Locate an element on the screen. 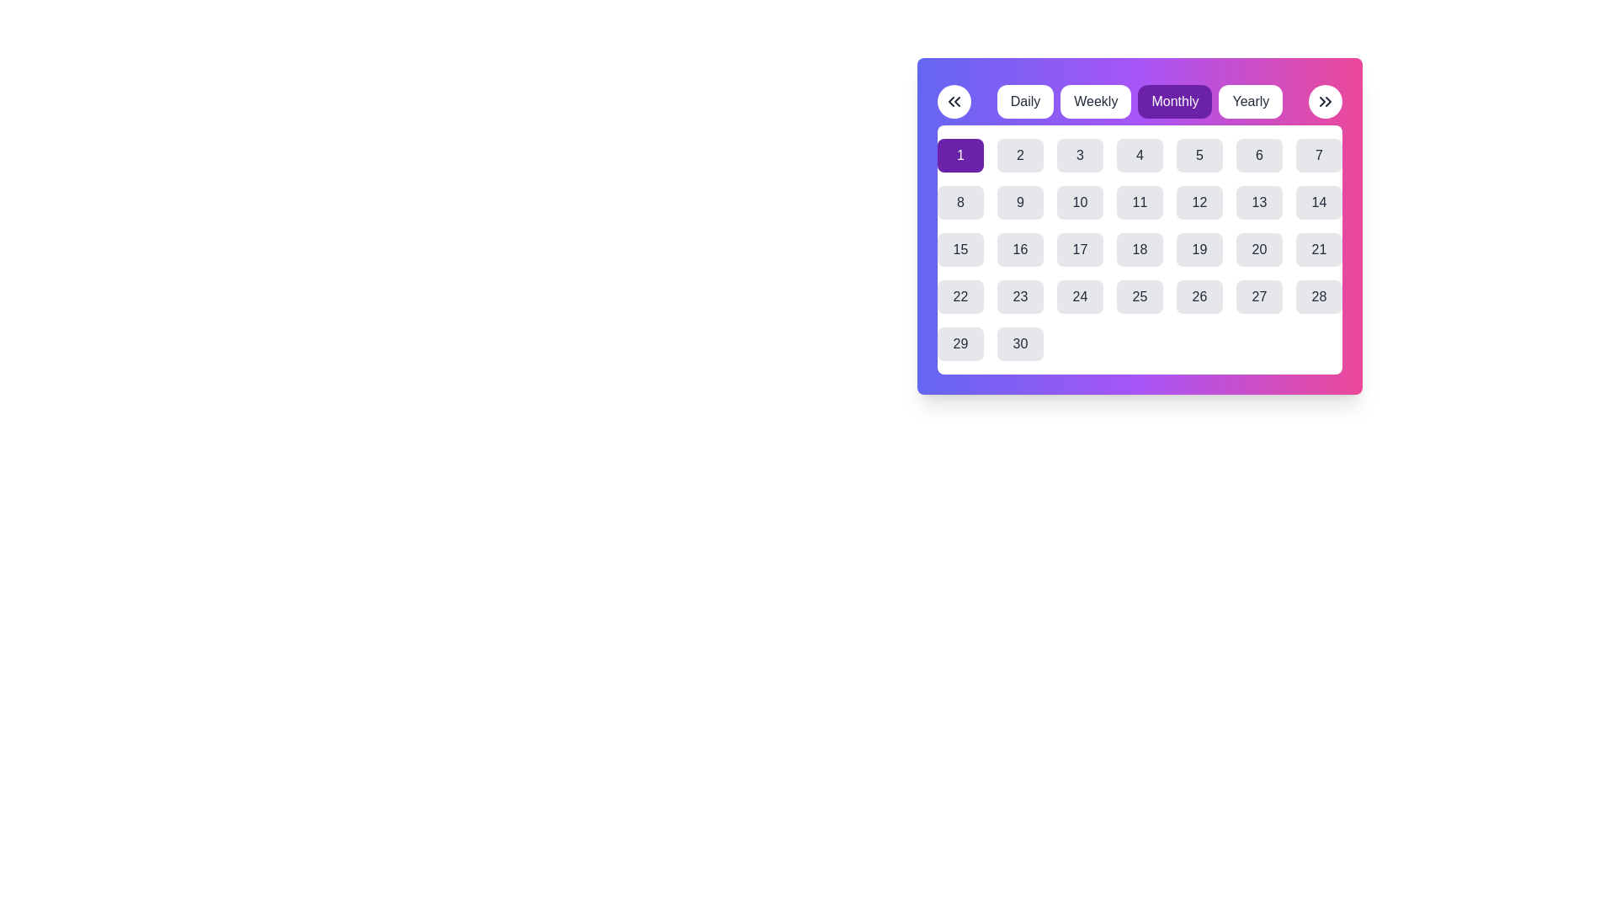  the button that represents a selectable date in a monthly calendar view, located in the second row and second column of a 7-column grid layout is located at coordinates (1019, 201).